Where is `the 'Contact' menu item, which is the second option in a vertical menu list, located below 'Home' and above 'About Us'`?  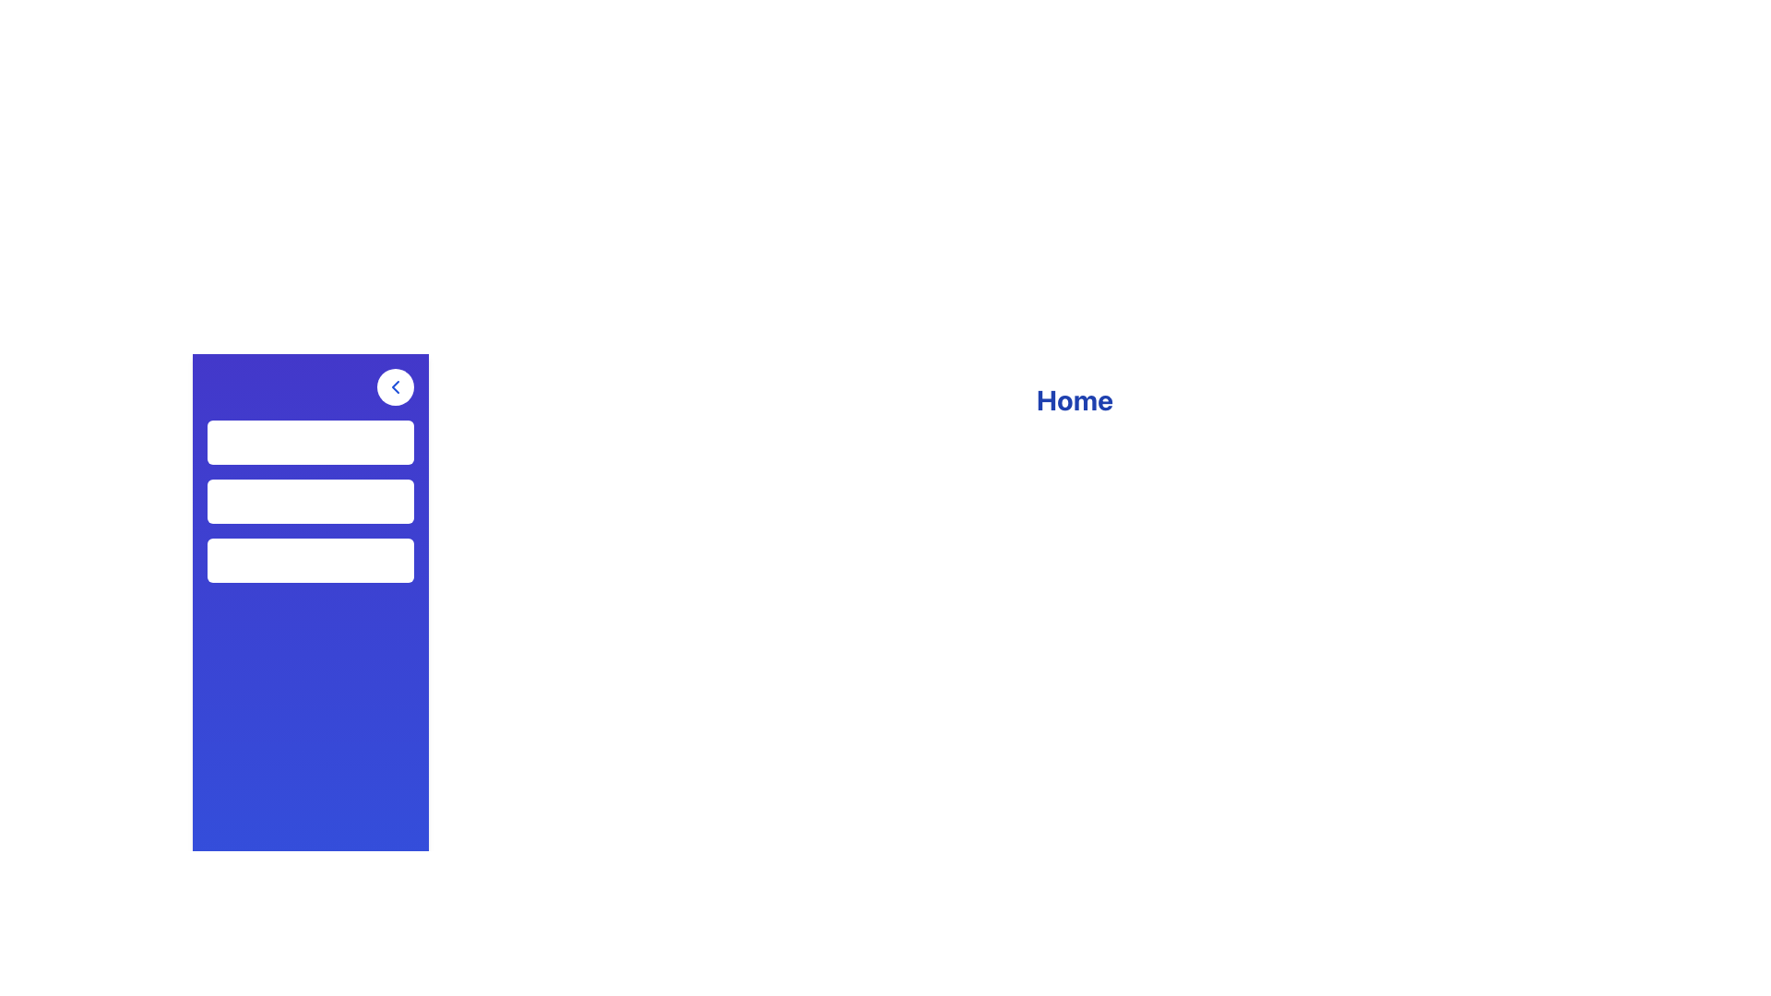 the 'Contact' menu item, which is the second option in a vertical menu list, located below 'Home' and above 'About Us' is located at coordinates (310, 501).